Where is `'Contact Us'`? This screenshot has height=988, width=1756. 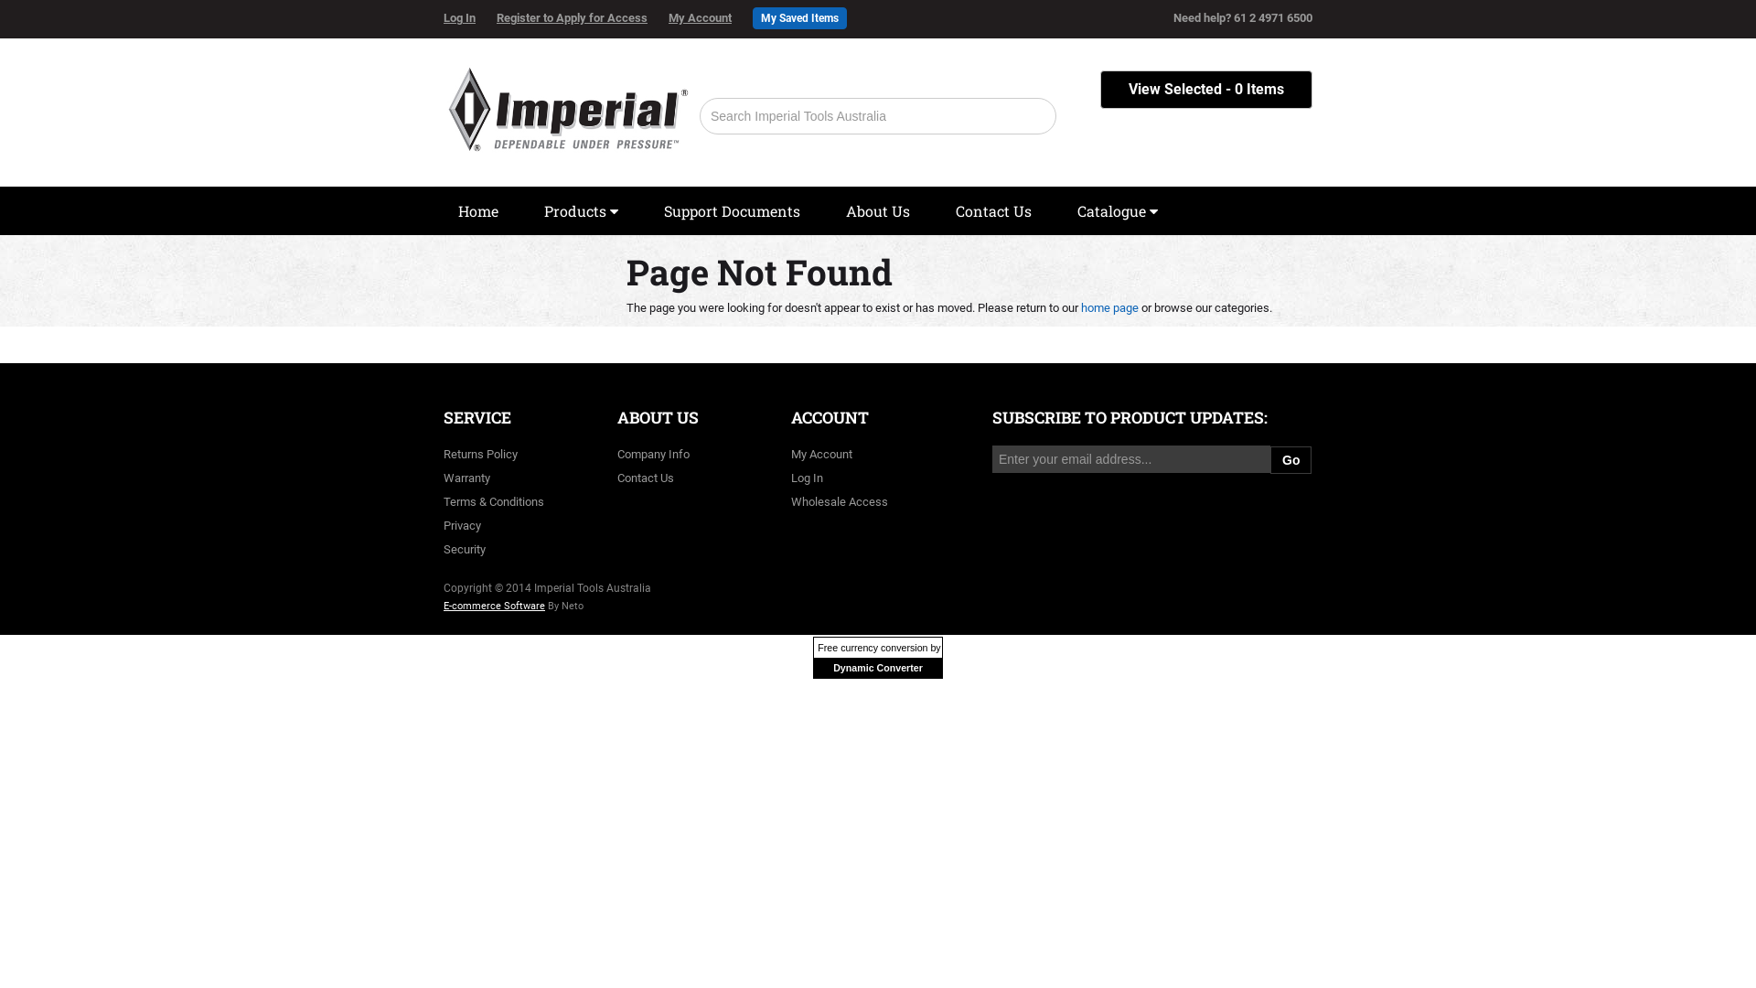
'Contact Us' is located at coordinates (645, 477).